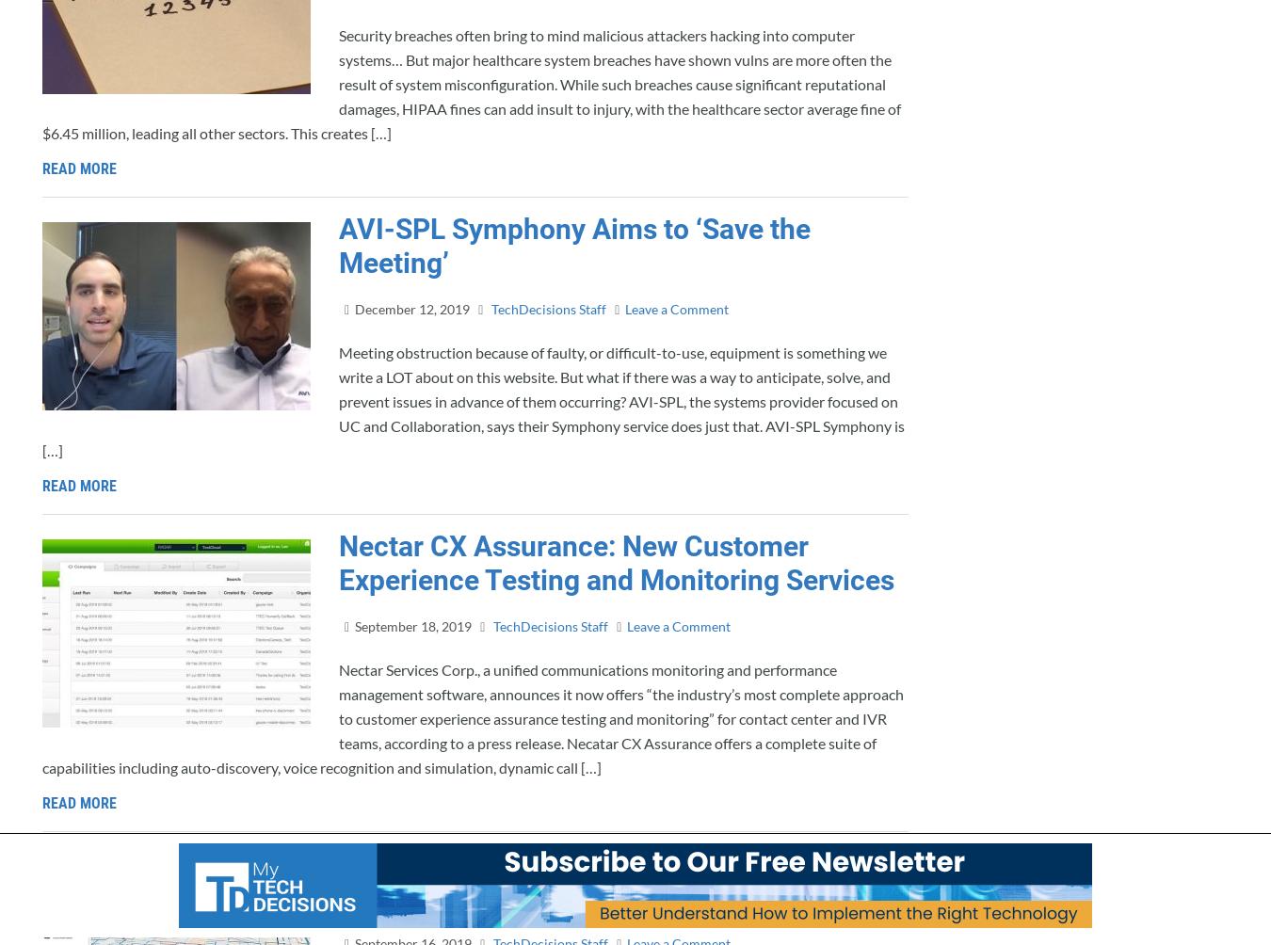  I want to click on 'Meeting obstruction because of faulty, or difficult-to-use, equipment is something we write a LOT about on this website. But what if there was a way to anticipate, solve, and prevent issues in advance of them occurring? AVI-SPL, the systems provider focused on UC and Collaboration, says their Symphony service does just that. AVI-SPL Symphony is […]', so click(473, 400).